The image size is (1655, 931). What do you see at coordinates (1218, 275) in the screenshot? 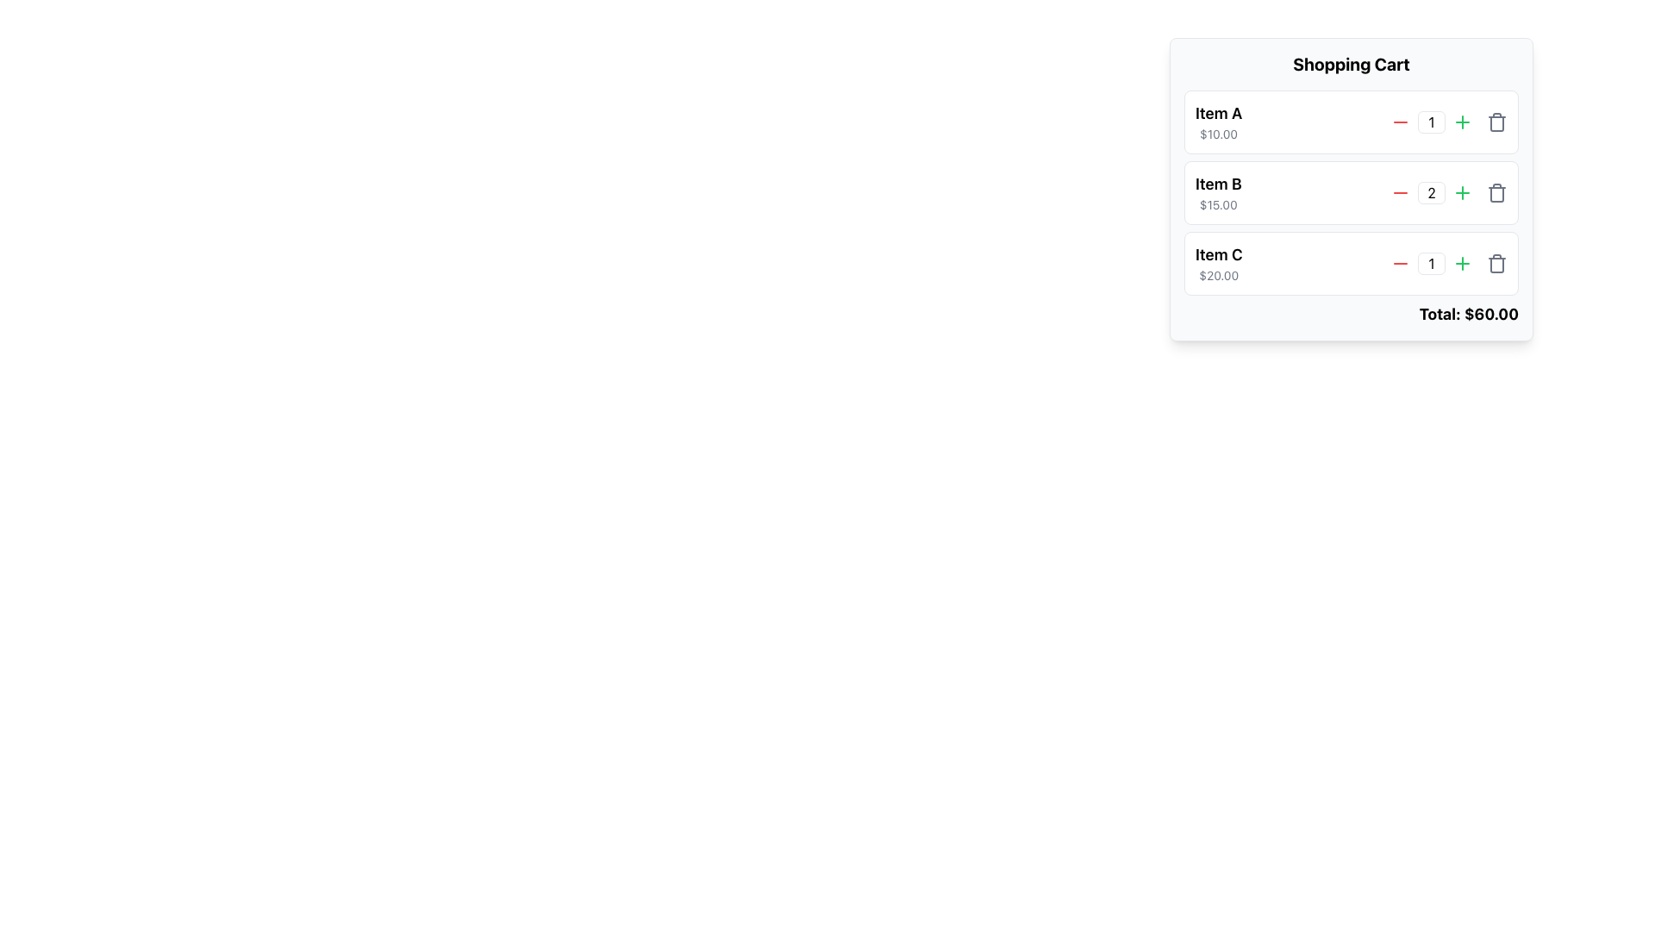
I see `the static text displaying the price '$20.00' located in the 'Item C' row of the shopping cart interface` at bounding box center [1218, 275].